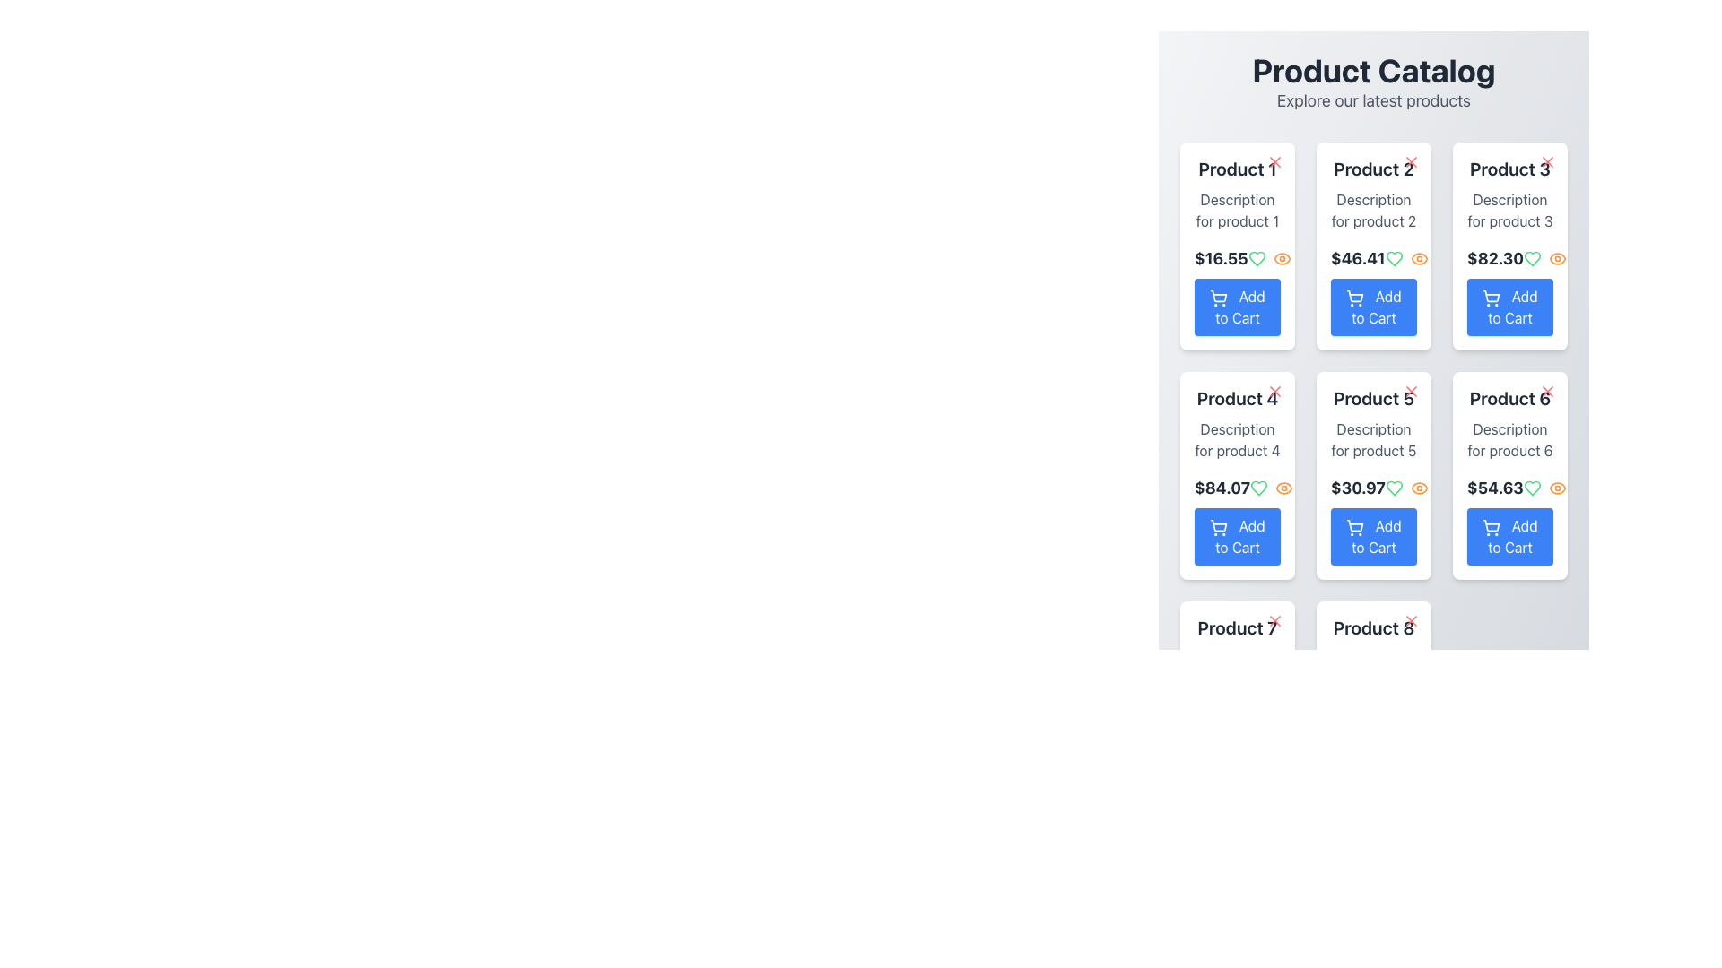 Image resolution: width=1722 pixels, height=968 pixels. I want to click on the close button with an 'X' design in red color located at the top-right corner of the card for 'Product 6', so click(1547, 390).